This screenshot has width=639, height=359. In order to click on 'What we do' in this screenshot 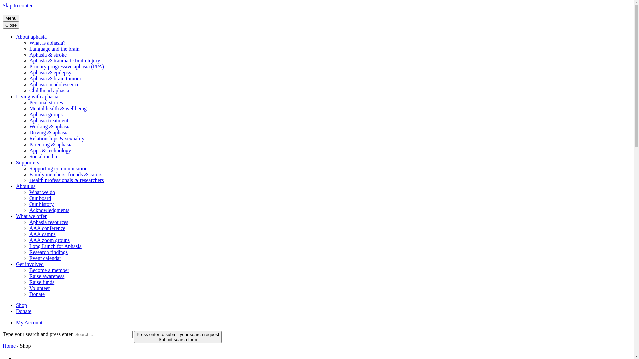, I will do `click(29, 192)`.